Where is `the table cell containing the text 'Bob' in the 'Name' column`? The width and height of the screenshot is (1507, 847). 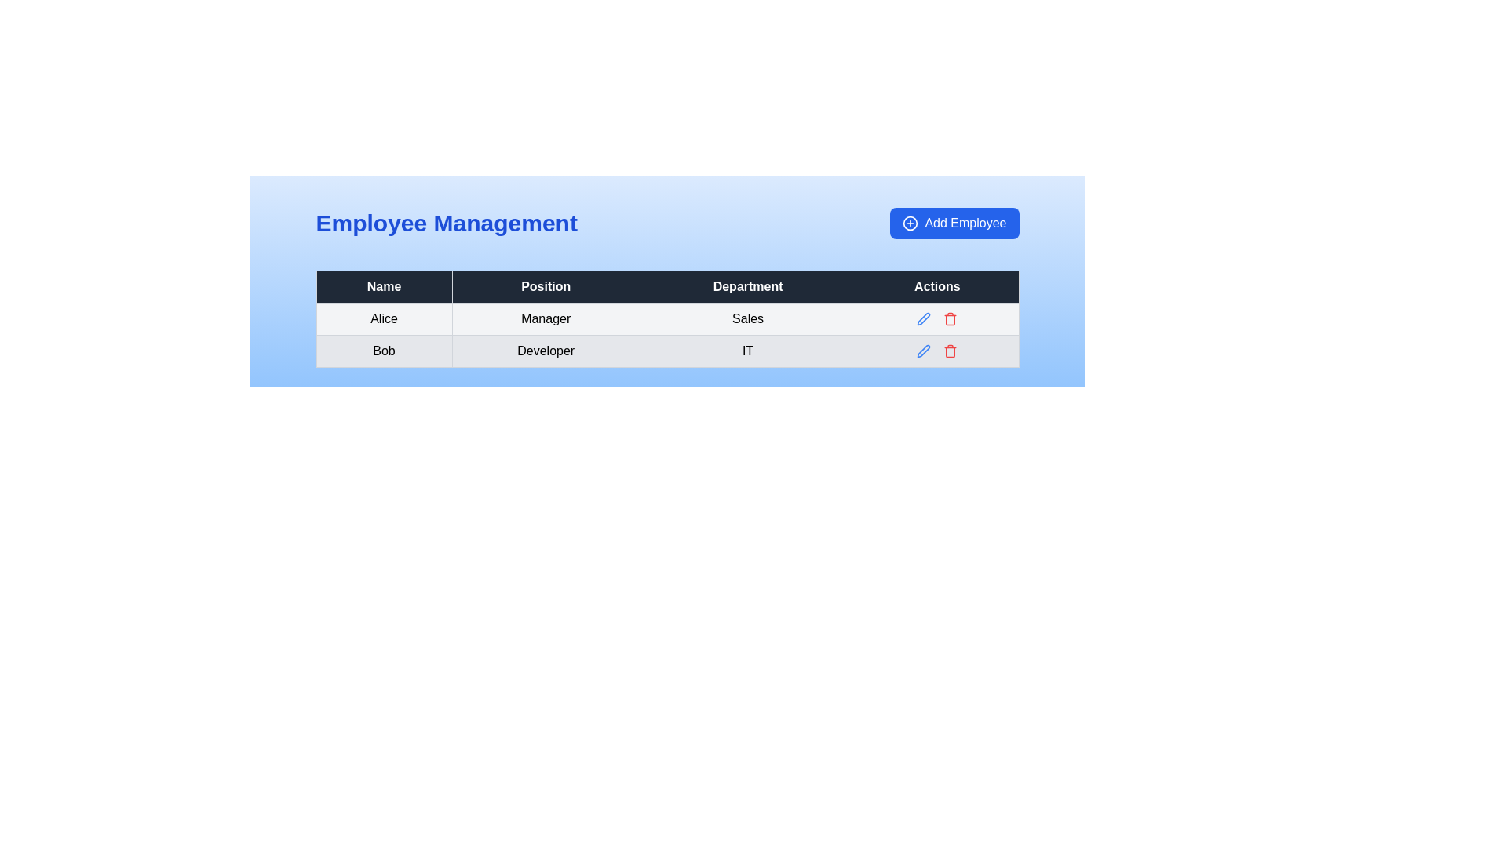 the table cell containing the text 'Bob' in the 'Name' column is located at coordinates (384, 350).